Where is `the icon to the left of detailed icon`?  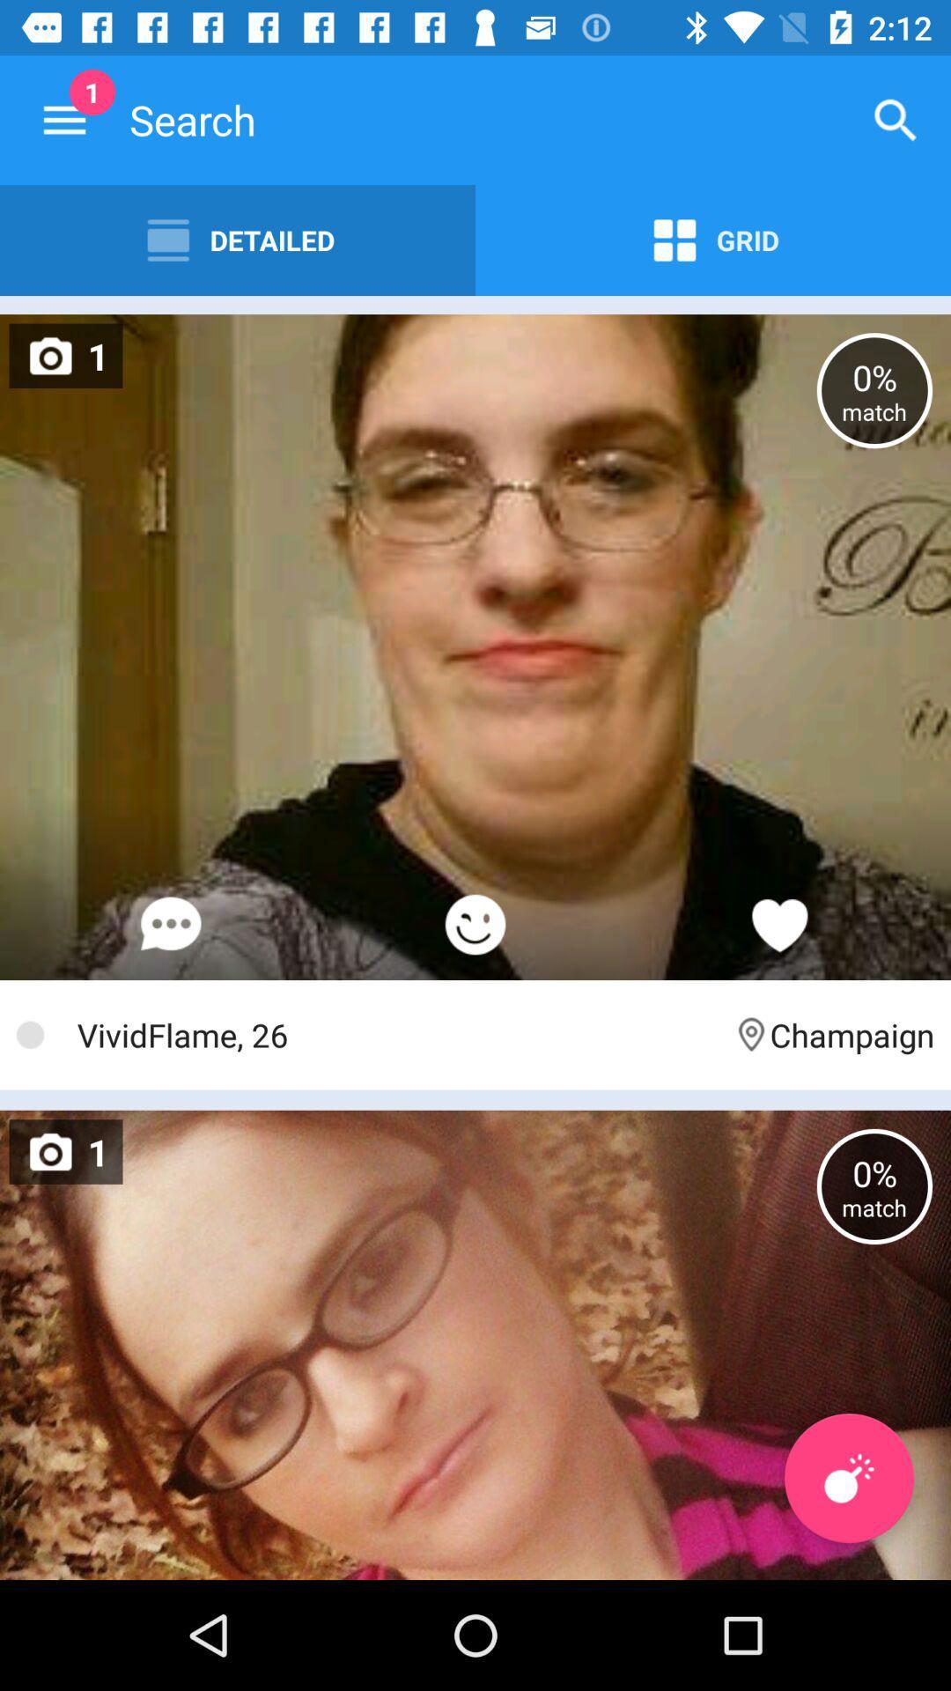
the icon to the left of detailed icon is located at coordinates (63, 119).